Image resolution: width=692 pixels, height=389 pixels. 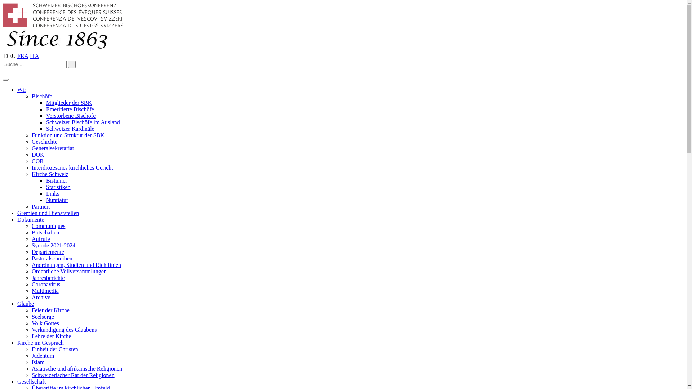 I want to click on 'Synode 2021-2024', so click(x=53, y=245).